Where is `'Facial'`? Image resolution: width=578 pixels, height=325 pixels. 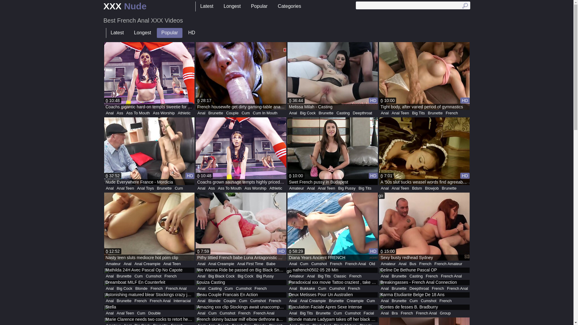
'Facial' is located at coordinates (362, 313).